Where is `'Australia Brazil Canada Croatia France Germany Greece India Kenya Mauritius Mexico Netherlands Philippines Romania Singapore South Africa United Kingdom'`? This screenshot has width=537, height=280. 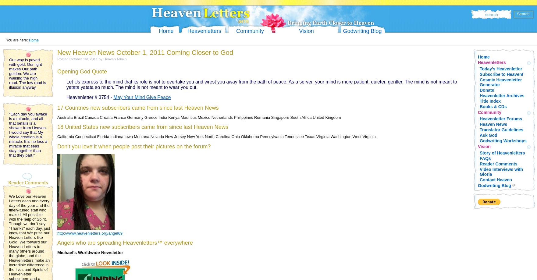
'Australia Brazil Canada Croatia France Germany Greece India Kenya Mauritius Mexico Netherlands Philippines Romania Singapore South Africa United Kingdom' is located at coordinates (198, 117).